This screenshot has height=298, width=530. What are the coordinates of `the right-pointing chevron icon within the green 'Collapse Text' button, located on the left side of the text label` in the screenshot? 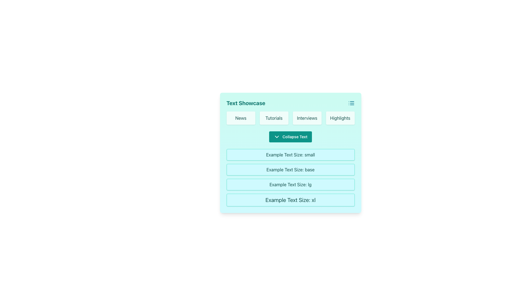 It's located at (277, 137).